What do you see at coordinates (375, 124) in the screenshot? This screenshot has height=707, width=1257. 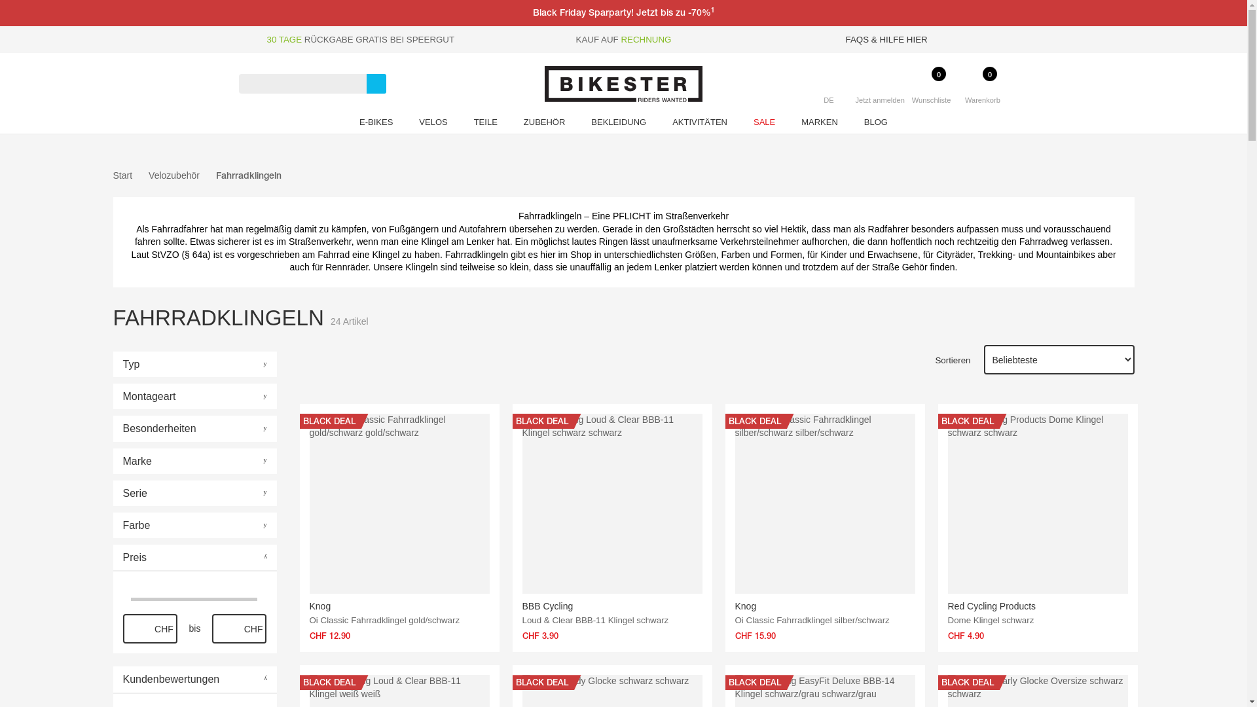 I see `'E-BIKES'` at bounding box center [375, 124].